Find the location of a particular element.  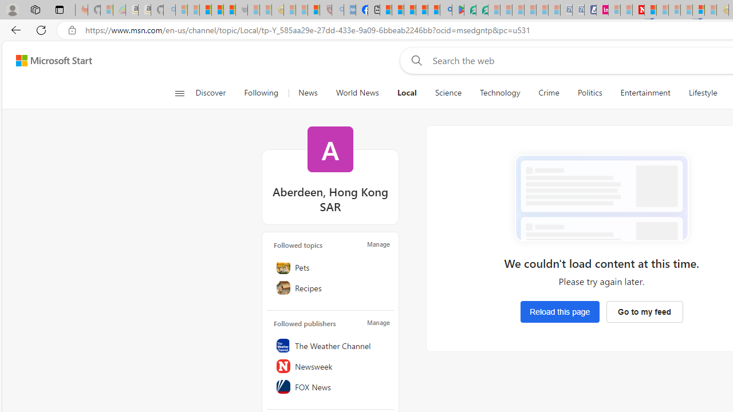

'Jobs - lastminute.com Investor Portal' is located at coordinates (602, 10).